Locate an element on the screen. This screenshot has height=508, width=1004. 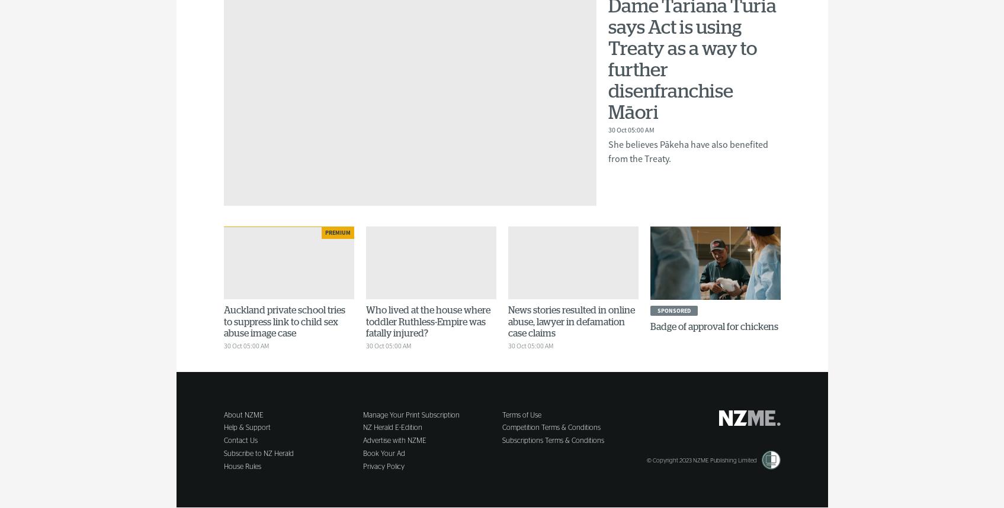
'Competition Terms & Conditions' is located at coordinates (551, 427).